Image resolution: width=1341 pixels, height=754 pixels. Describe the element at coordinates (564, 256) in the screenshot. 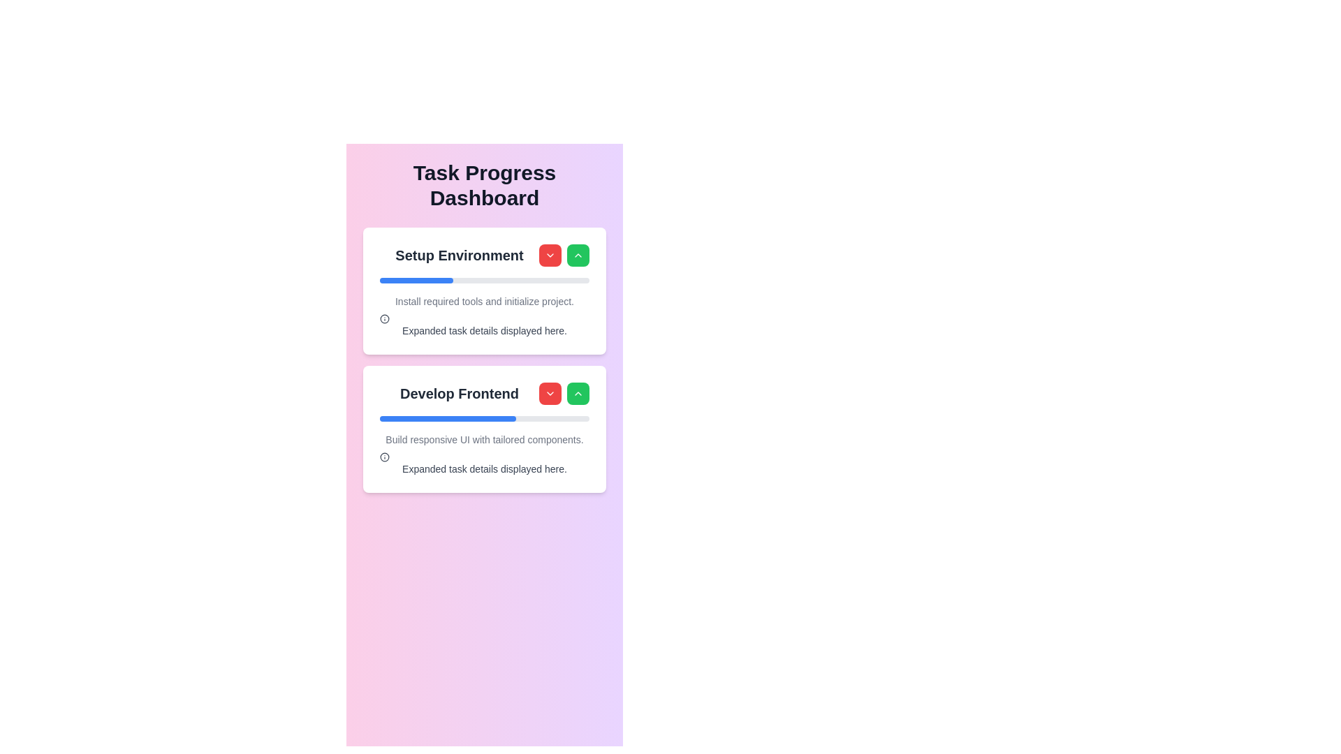

I see `the left styled button with a red background and downward-pointing chevron icon` at that location.